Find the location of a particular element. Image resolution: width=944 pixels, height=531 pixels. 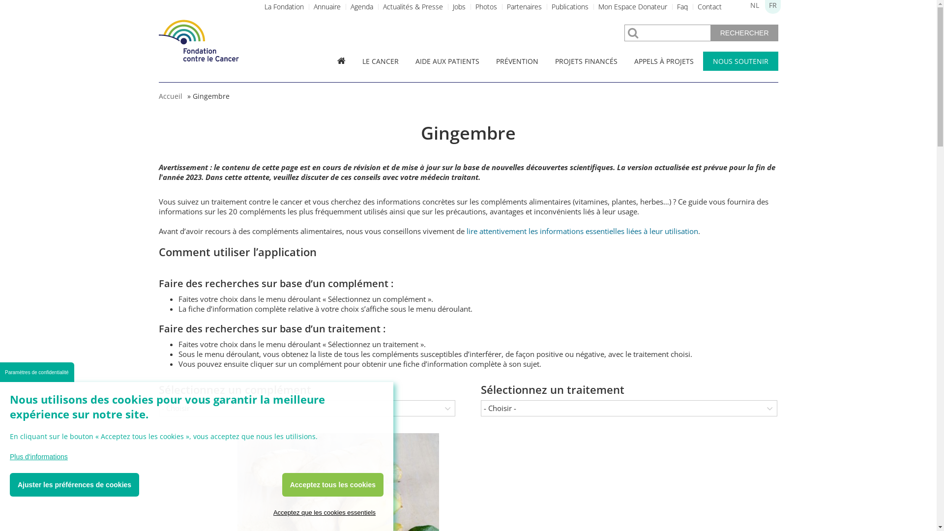

'Mon Espace Donateur' is located at coordinates (632, 6).